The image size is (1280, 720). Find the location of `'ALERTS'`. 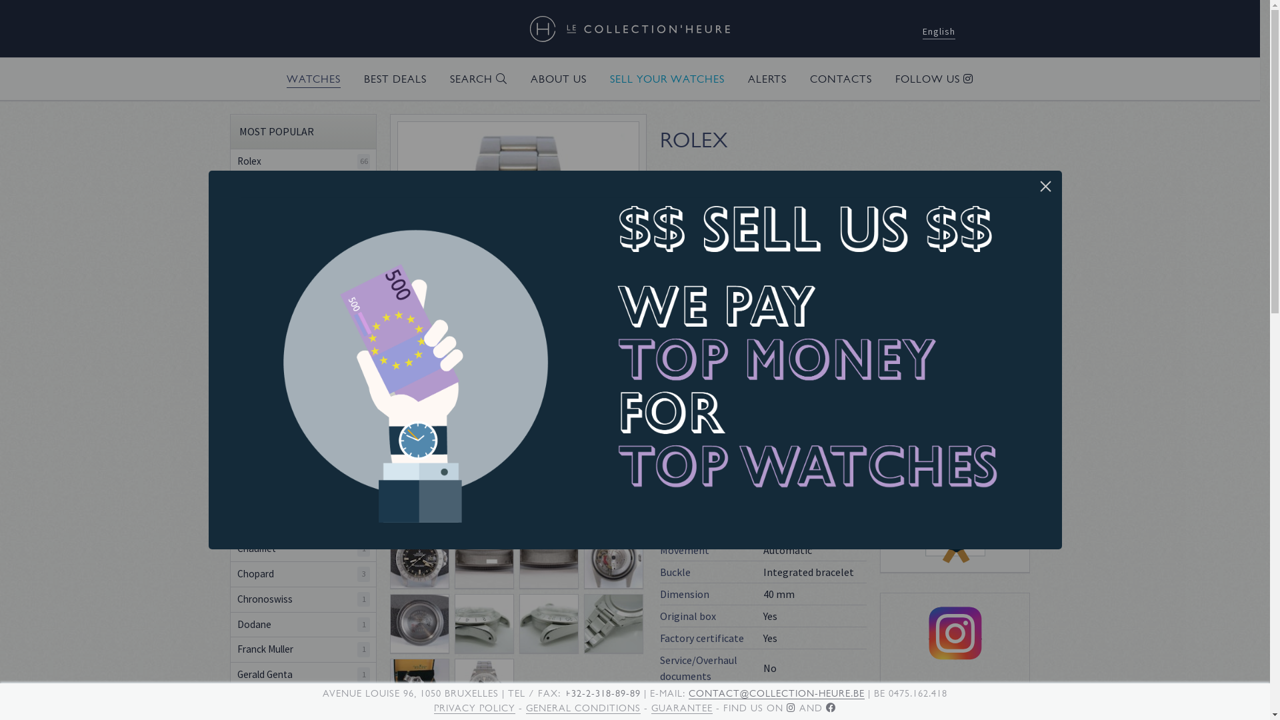

'ALERTS' is located at coordinates (748, 79).